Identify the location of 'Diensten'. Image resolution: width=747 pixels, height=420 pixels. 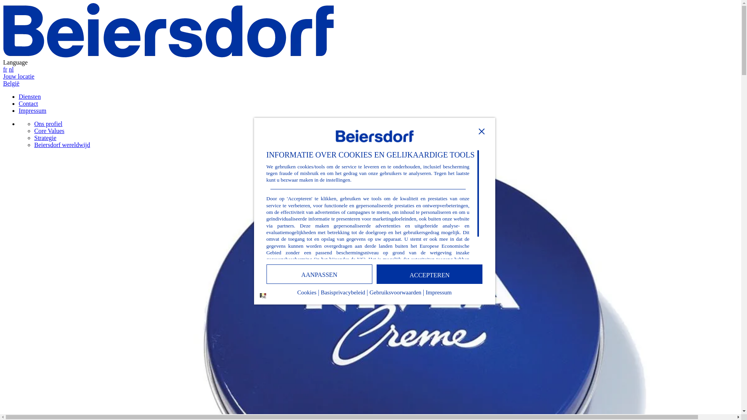
(30, 96).